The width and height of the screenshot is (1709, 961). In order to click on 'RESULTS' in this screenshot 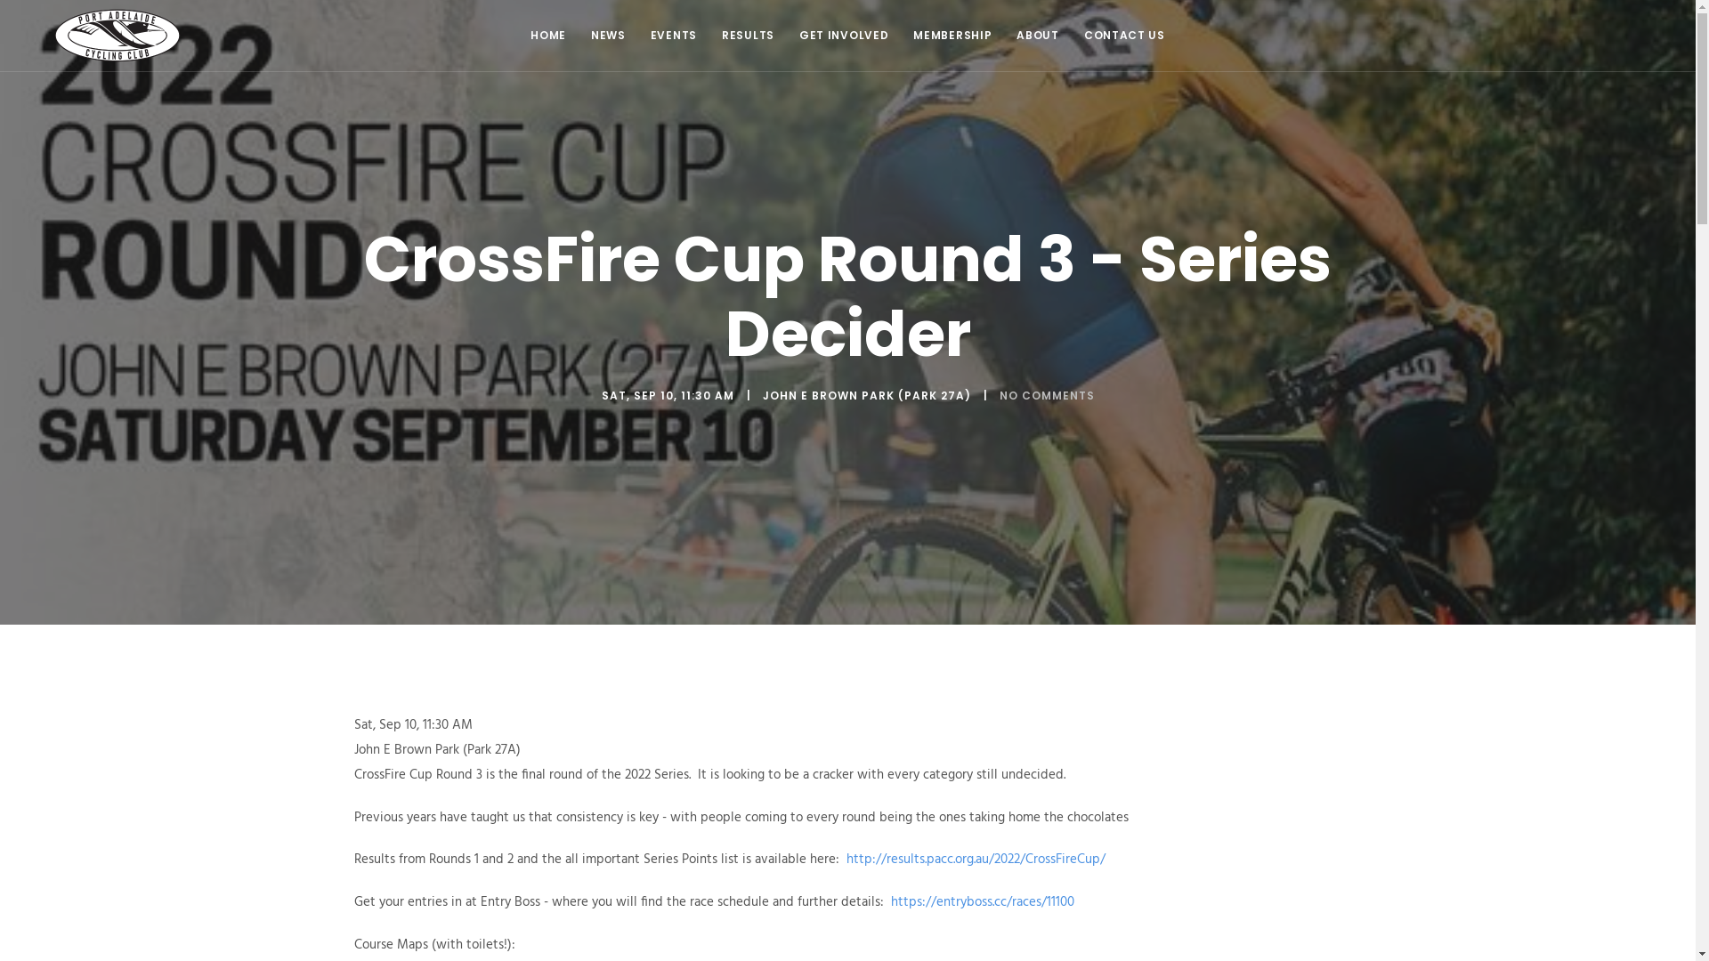, I will do `click(748, 35)`.